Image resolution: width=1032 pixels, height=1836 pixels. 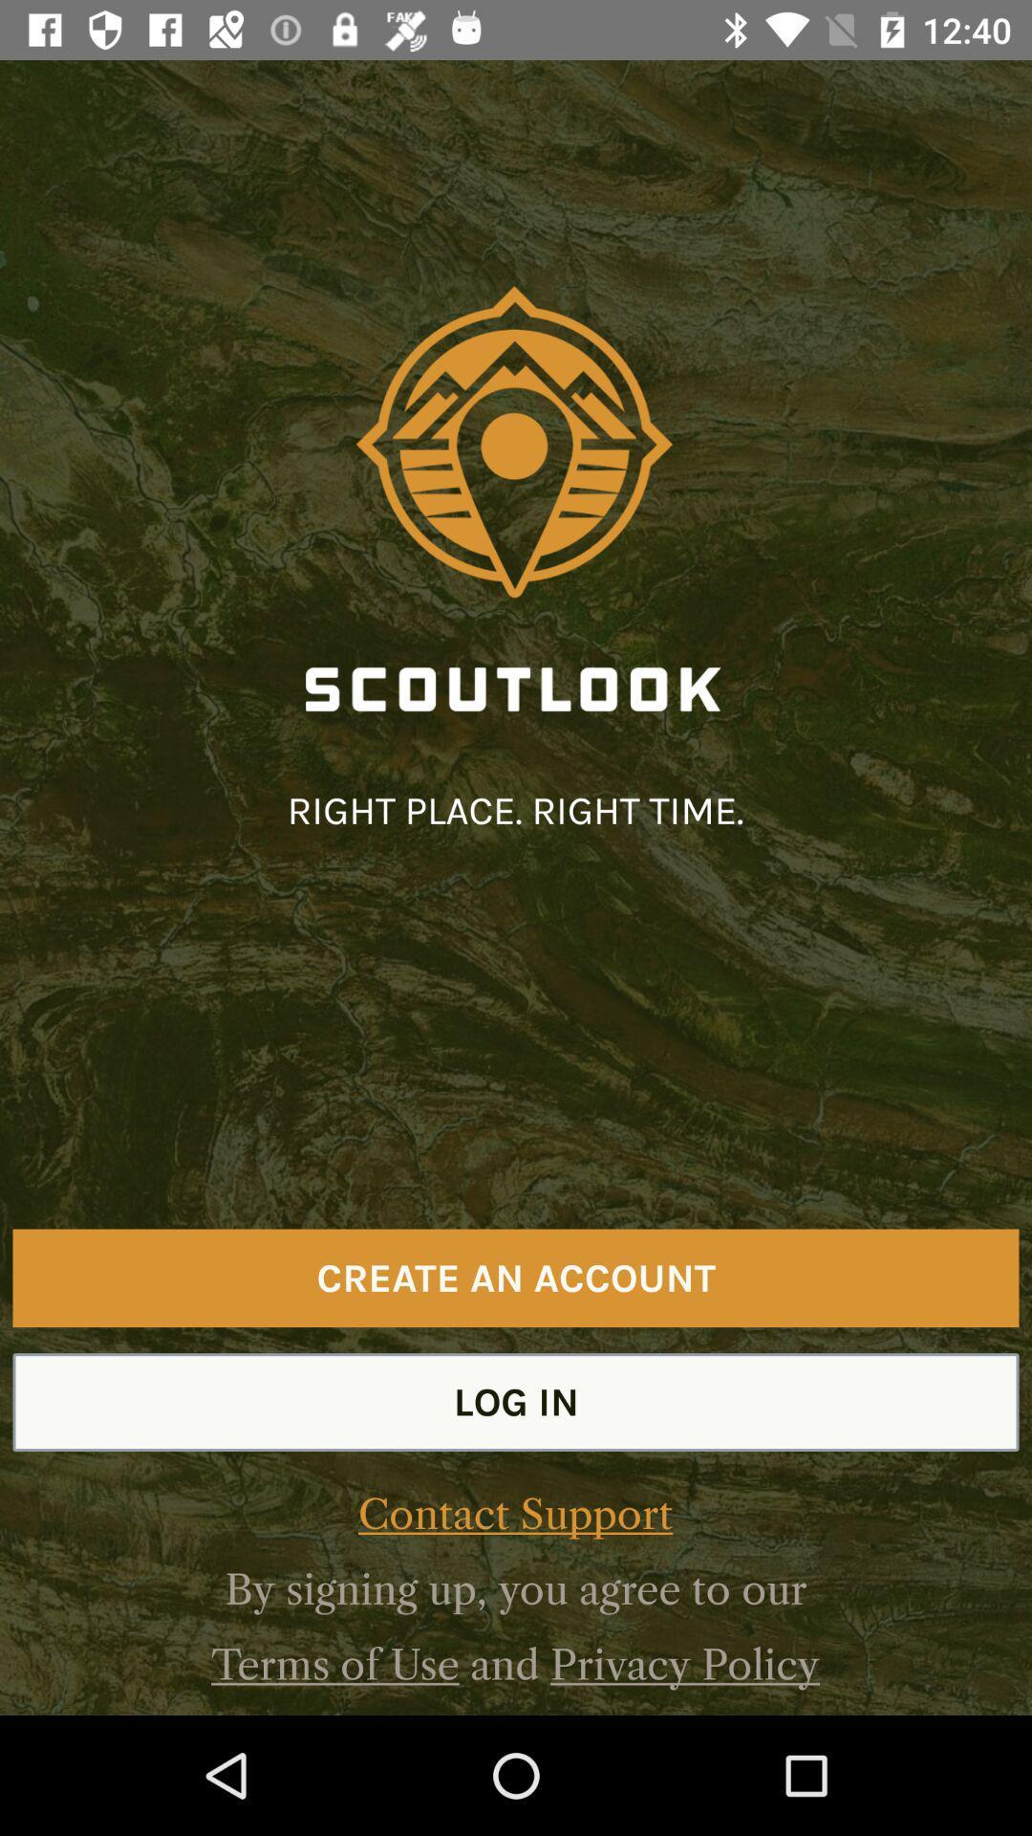 What do you see at coordinates (334, 1664) in the screenshot?
I see `the terms of use` at bounding box center [334, 1664].